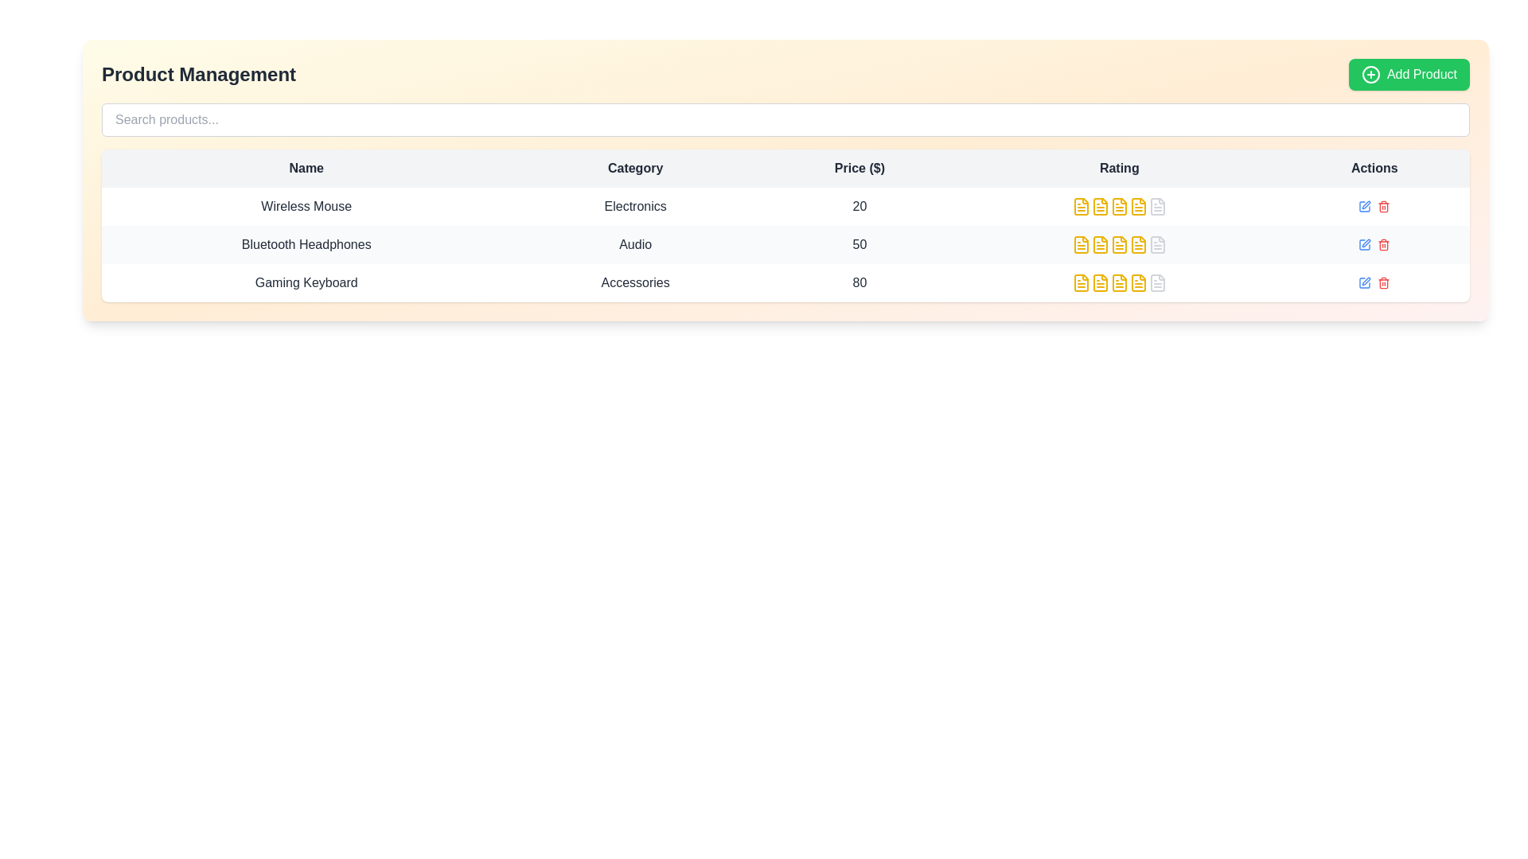 The height and width of the screenshot is (859, 1528). What do you see at coordinates (1364, 282) in the screenshot?
I see `the blue edit icon resembling a pen located at the far right of the 'Actions' column in the third row of the table` at bounding box center [1364, 282].